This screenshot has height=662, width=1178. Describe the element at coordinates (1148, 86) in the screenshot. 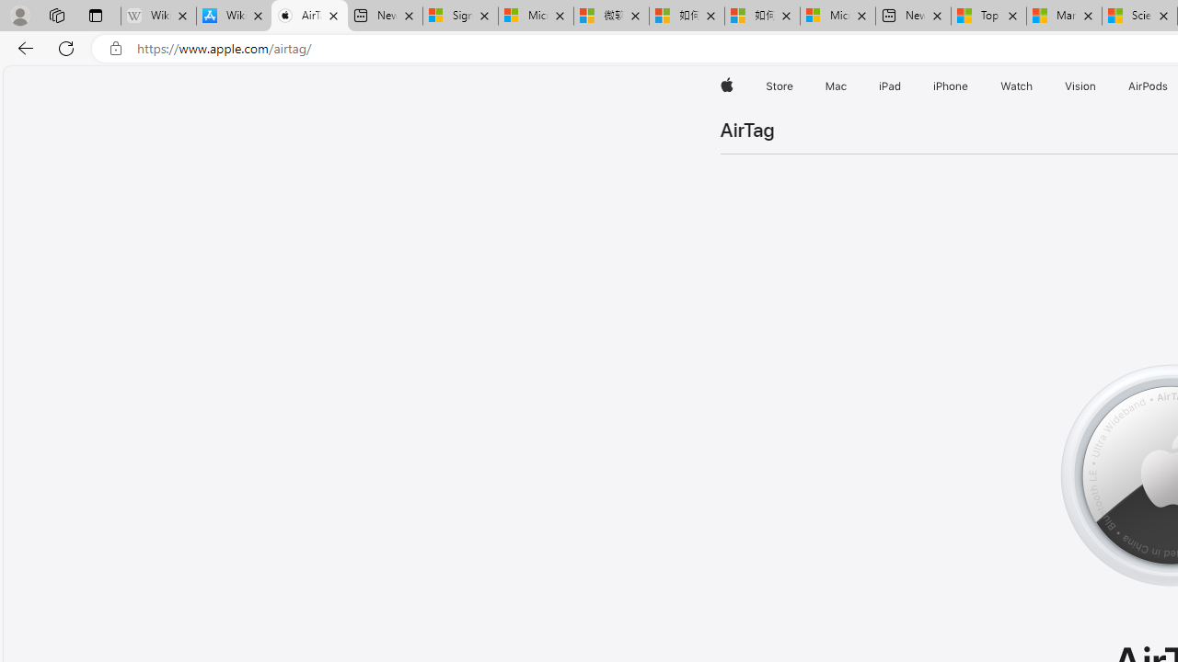

I see `'AirPods'` at that location.